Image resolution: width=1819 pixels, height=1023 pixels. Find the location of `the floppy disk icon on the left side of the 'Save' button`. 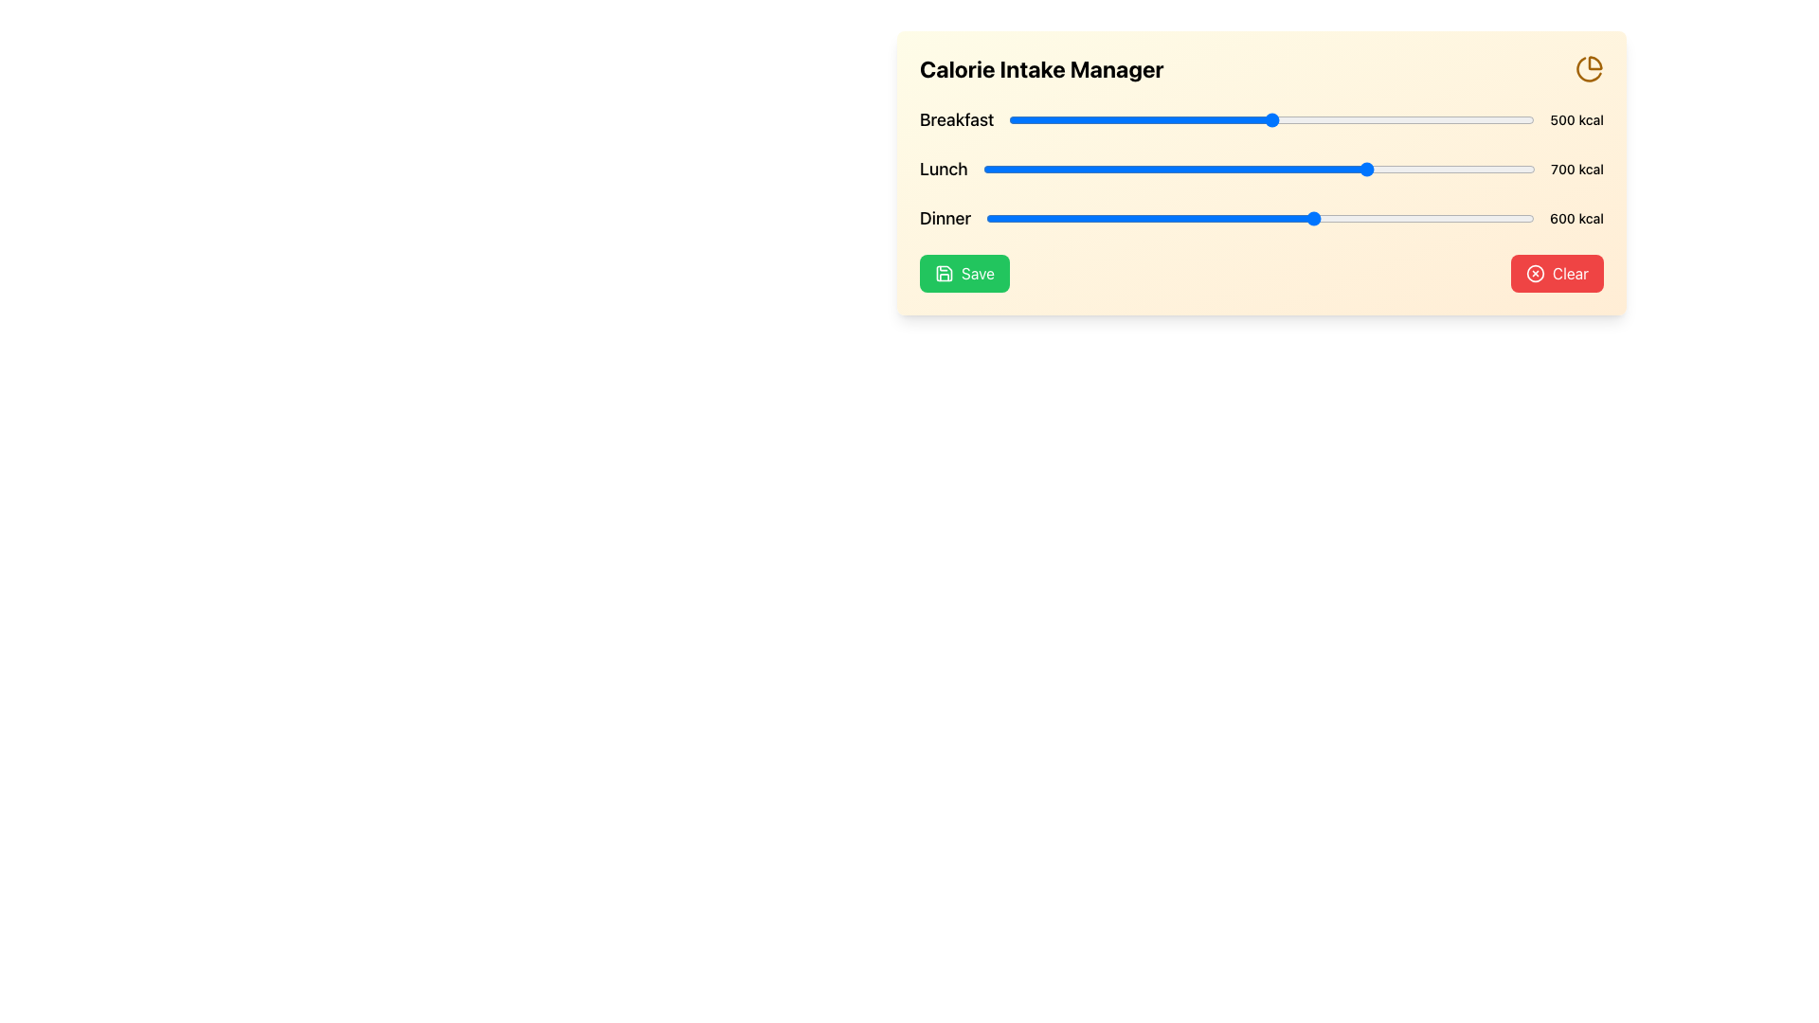

the floppy disk icon on the left side of the 'Save' button is located at coordinates (945, 274).